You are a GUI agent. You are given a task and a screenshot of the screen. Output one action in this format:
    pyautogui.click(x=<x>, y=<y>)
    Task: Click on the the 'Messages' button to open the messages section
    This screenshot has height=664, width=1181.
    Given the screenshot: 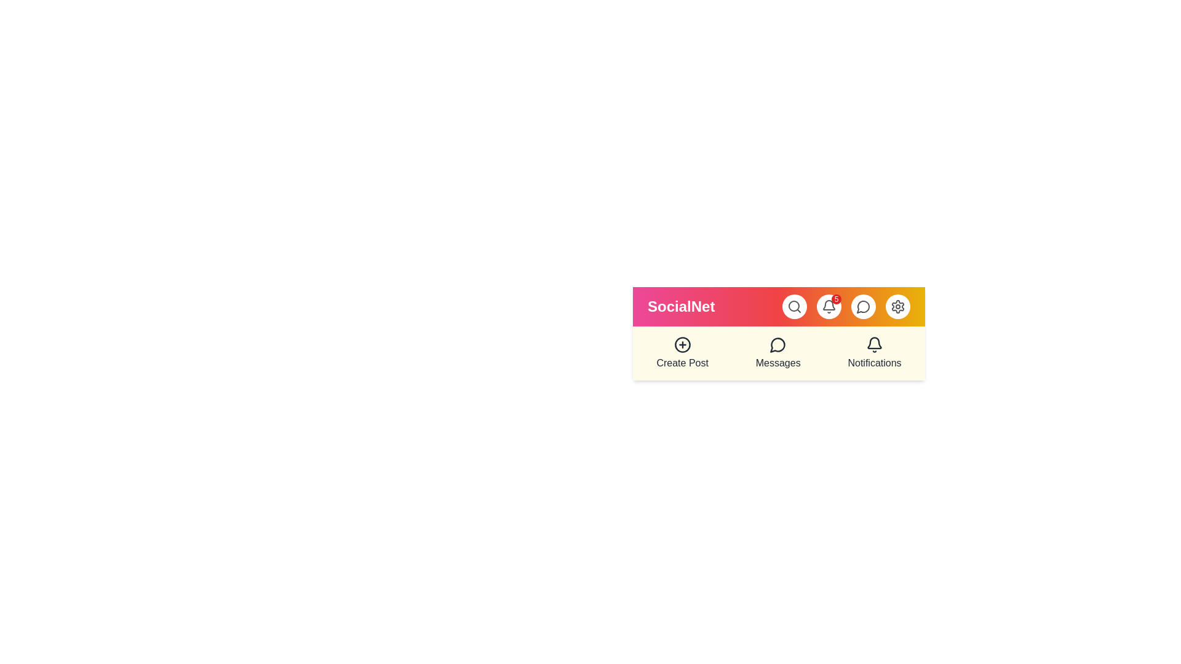 What is the action you would take?
    pyautogui.click(x=777, y=353)
    